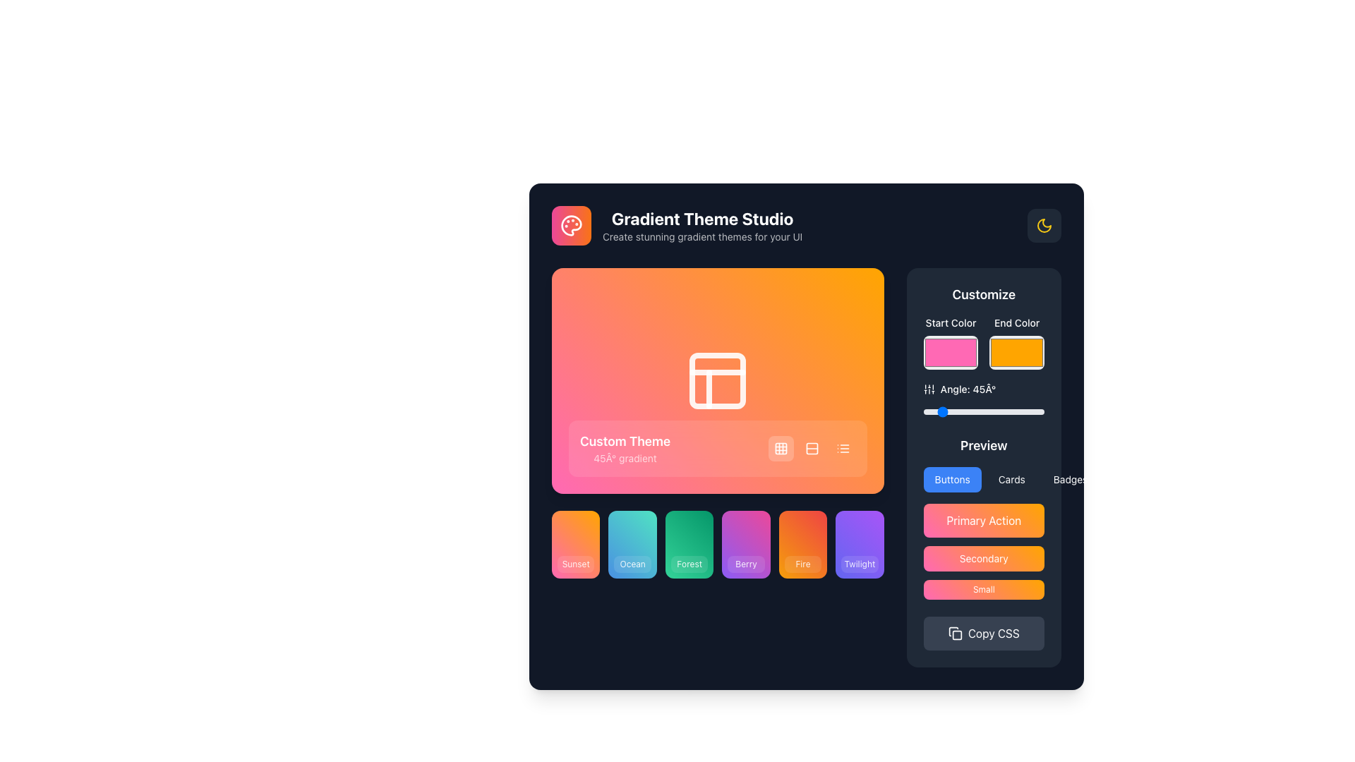  Describe the element at coordinates (952, 411) in the screenshot. I see `angle` at that location.